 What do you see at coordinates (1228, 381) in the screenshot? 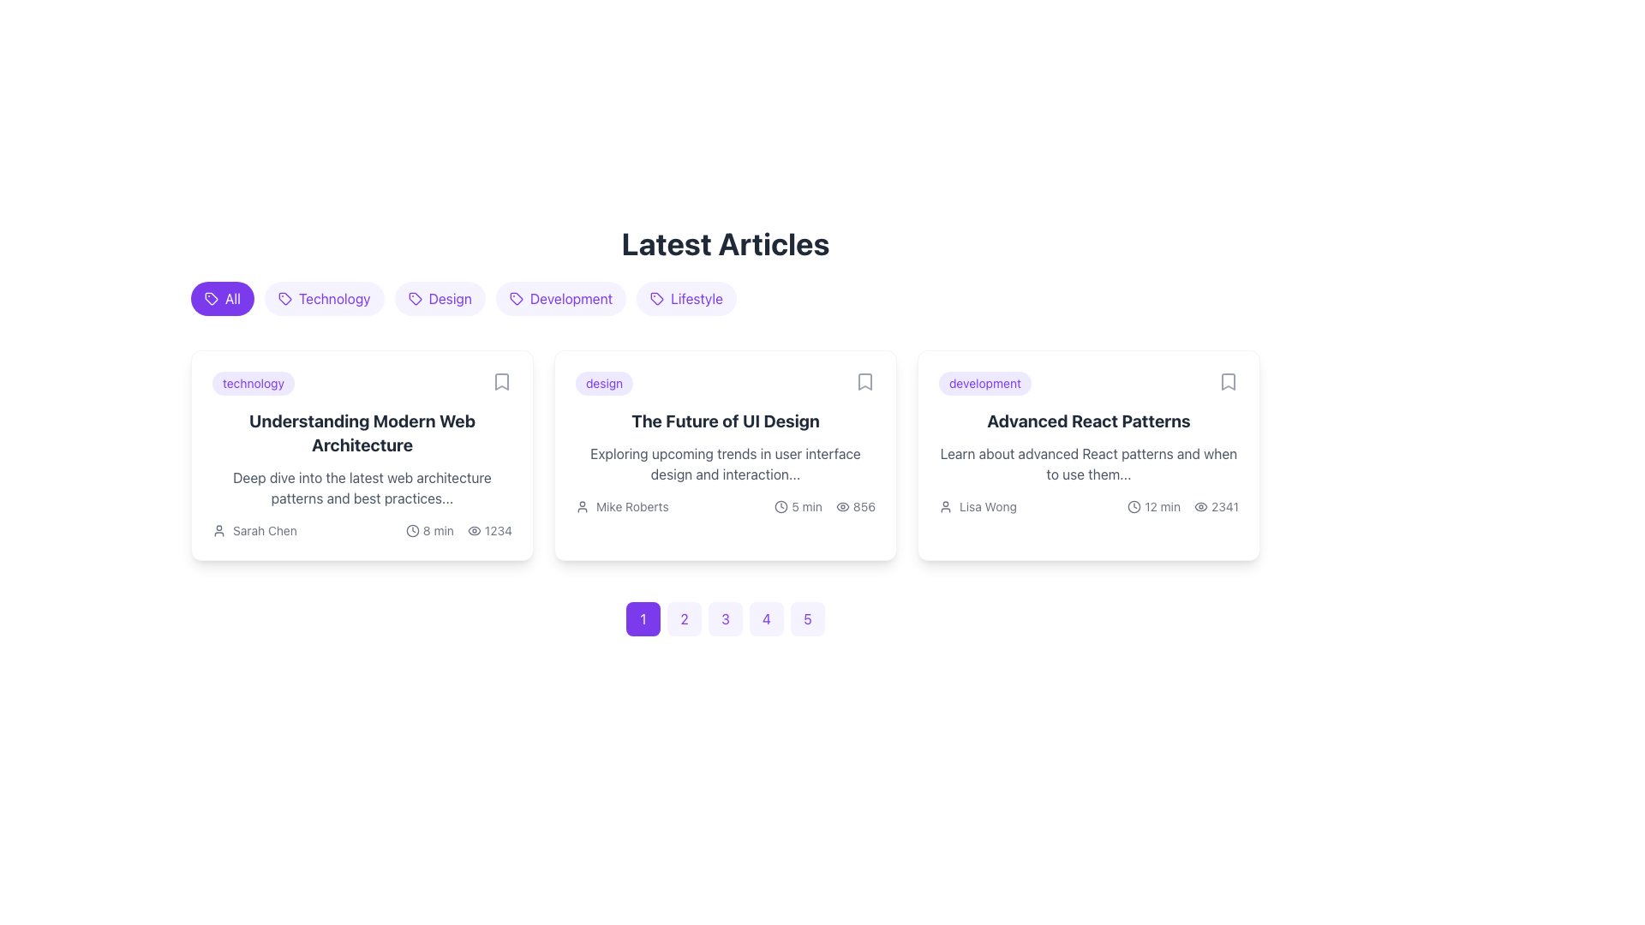
I see `the bookmark icon located in the top-right corner of the 'Advanced React Patterns' card to bookmark the article` at bounding box center [1228, 381].